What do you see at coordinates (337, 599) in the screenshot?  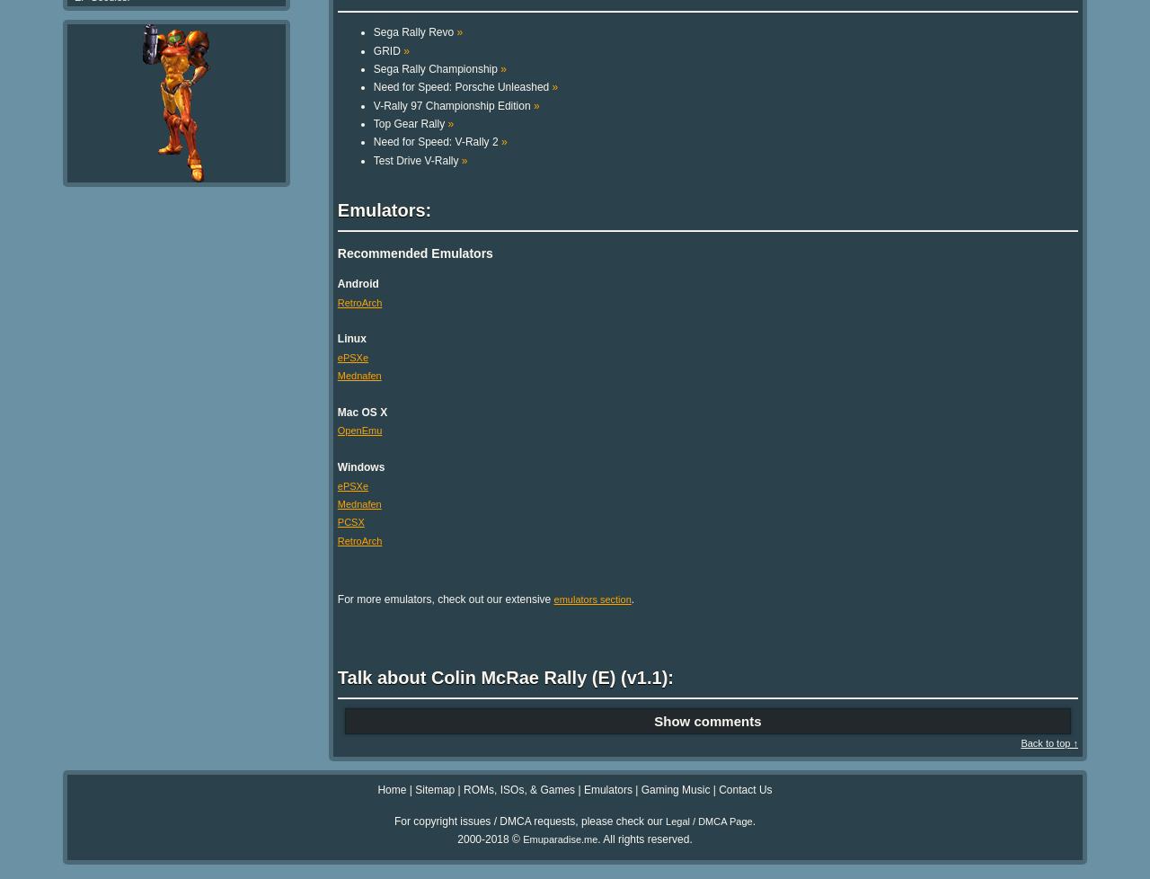 I see `'For more emulators, check out our extensive'` at bounding box center [337, 599].